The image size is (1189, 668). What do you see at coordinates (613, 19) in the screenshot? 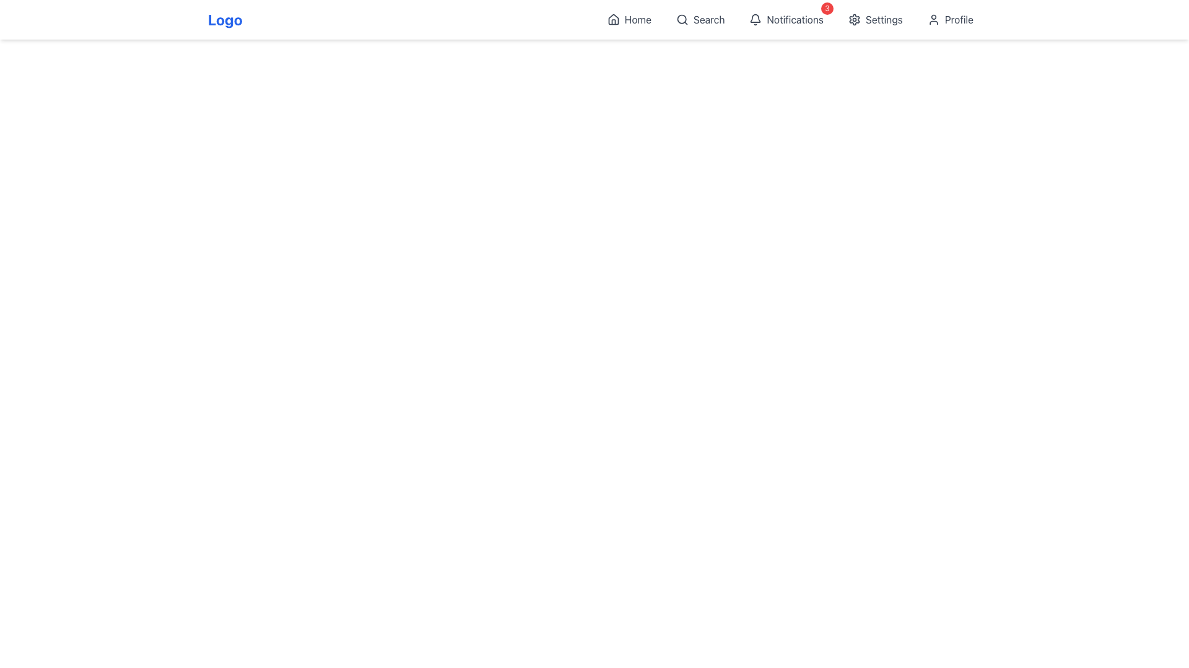
I see `the Home button icon located at the leftmost side of the navigation bar, which serves` at bounding box center [613, 19].